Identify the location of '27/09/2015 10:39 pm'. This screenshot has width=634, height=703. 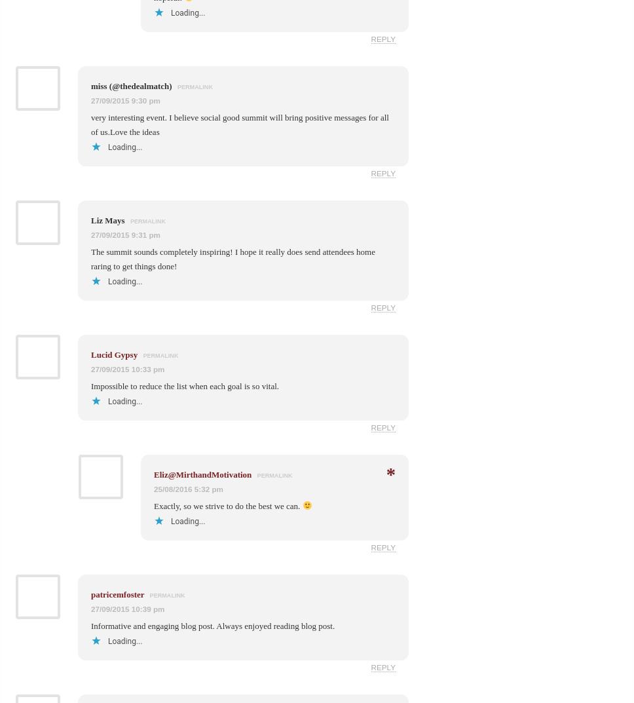
(127, 608).